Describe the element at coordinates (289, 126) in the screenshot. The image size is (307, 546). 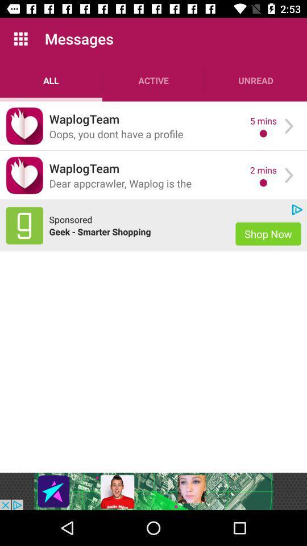
I see `the first arrow` at that location.